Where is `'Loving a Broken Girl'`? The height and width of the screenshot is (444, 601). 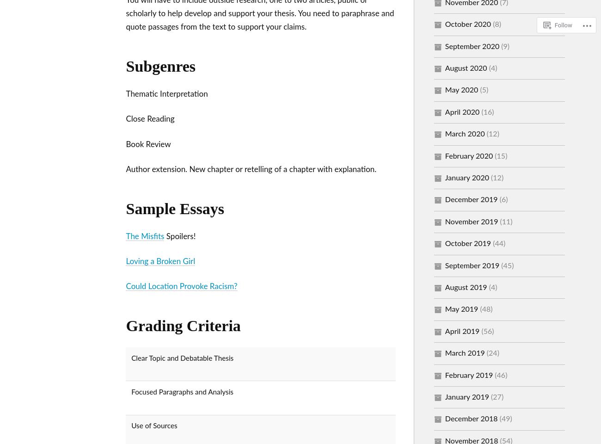
'Loving a Broken Girl' is located at coordinates (159, 261).